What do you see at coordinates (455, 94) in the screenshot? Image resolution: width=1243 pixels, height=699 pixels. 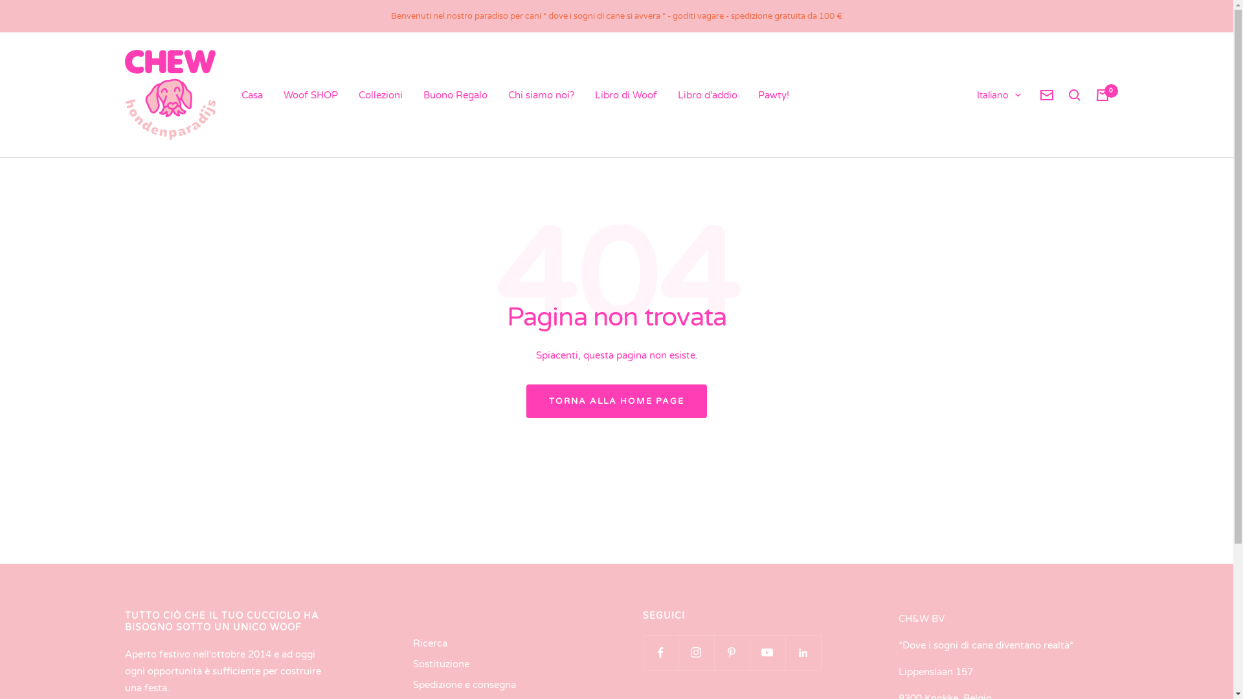 I see `'Buono Regalo'` at bounding box center [455, 94].